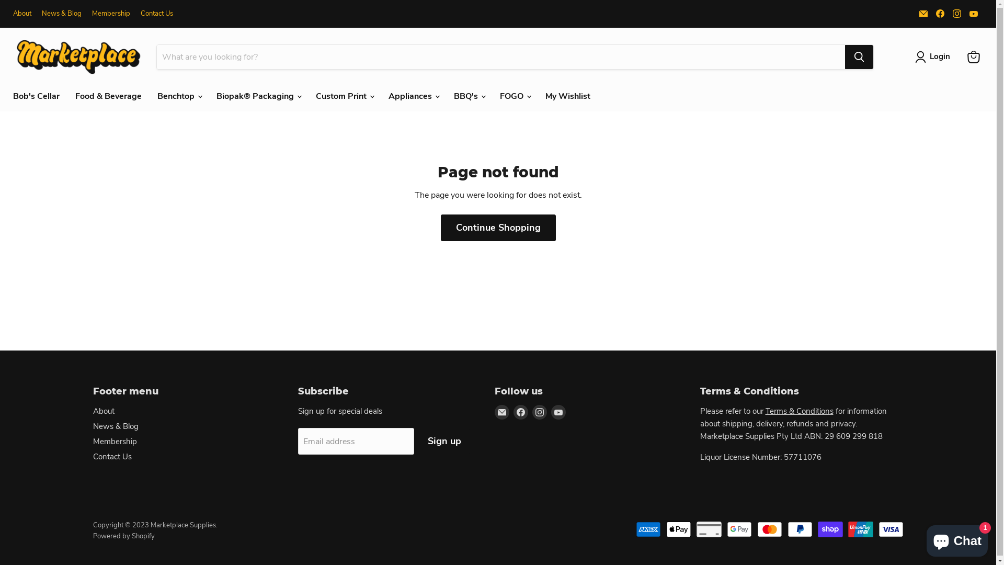 Image resolution: width=1004 pixels, height=565 pixels. What do you see at coordinates (497, 227) in the screenshot?
I see `'Continue Shopping'` at bounding box center [497, 227].